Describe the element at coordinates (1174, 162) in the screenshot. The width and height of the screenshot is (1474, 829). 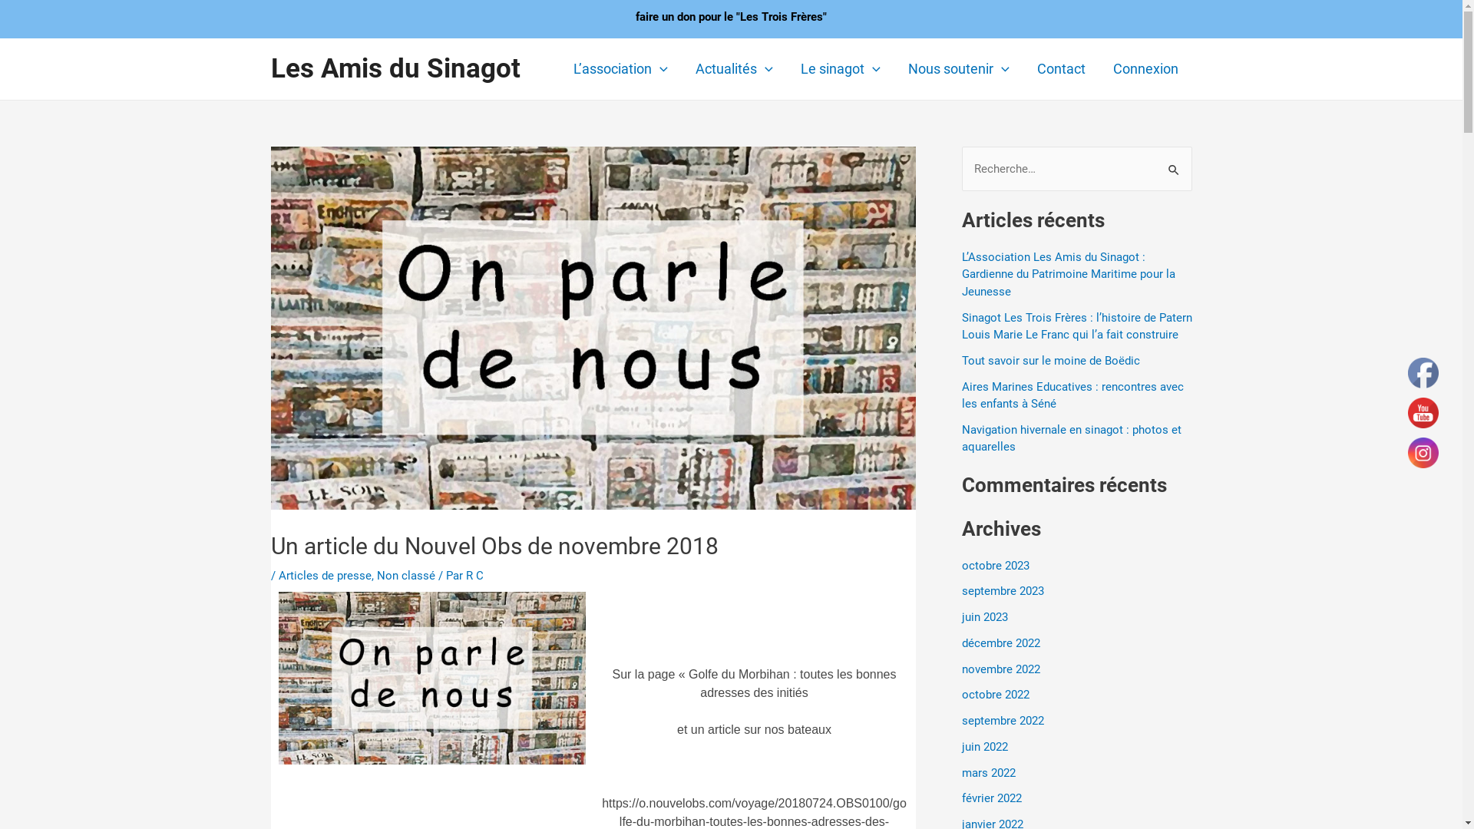
I see `'Rechercher'` at that location.